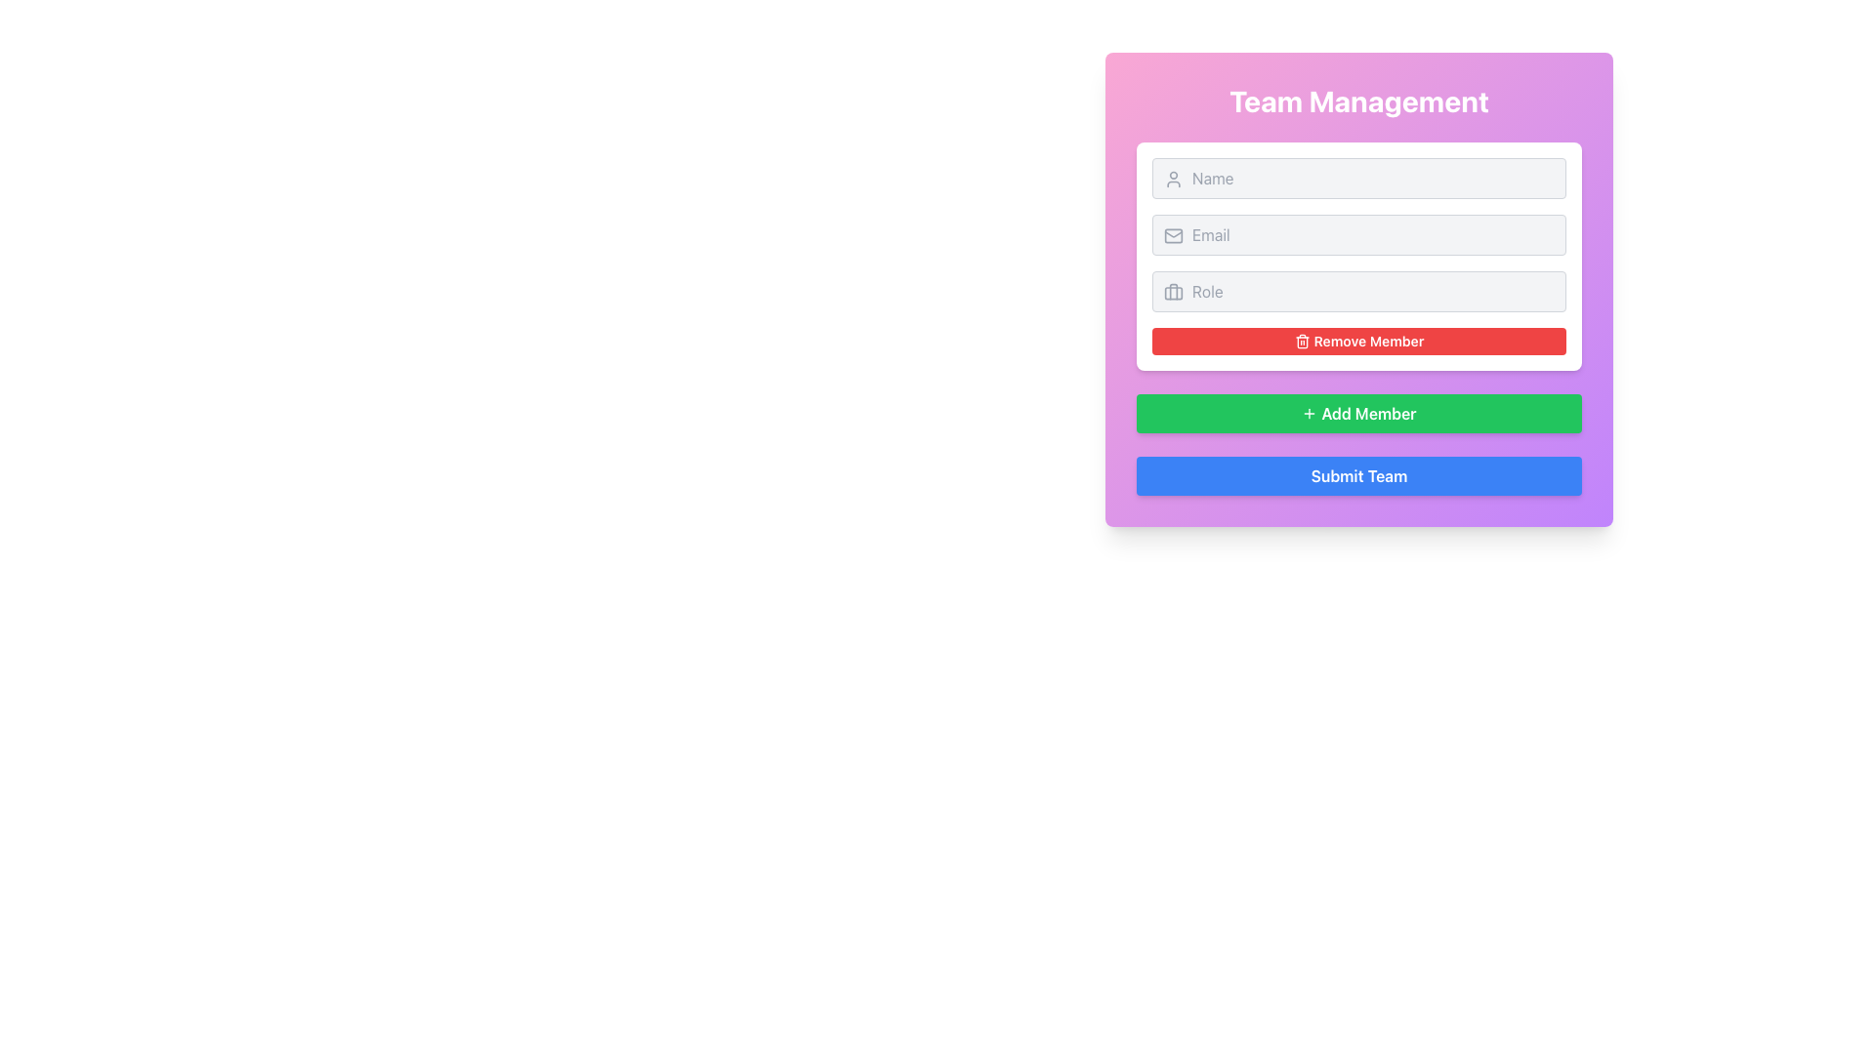 The height and width of the screenshot is (1054, 1875). I want to click on the prominent red 'Remove Member' button located below the input fields in the 'Team Management' card to initiate the removal action, so click(1358, 341).